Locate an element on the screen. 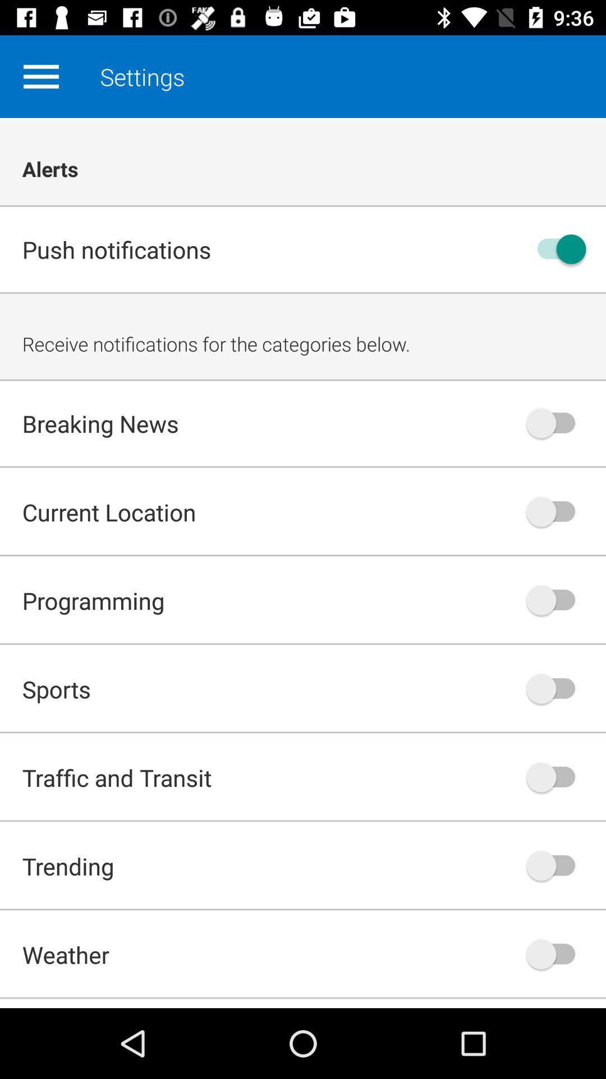 The width and height of the screenshot is (606, 1079). location-based news is located at coordinates (556, 511).